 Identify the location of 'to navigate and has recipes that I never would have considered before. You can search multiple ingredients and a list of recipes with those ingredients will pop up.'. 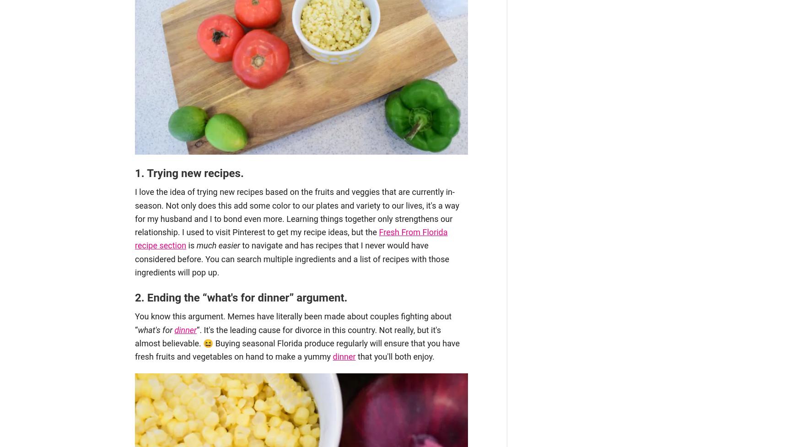
(292, 258).